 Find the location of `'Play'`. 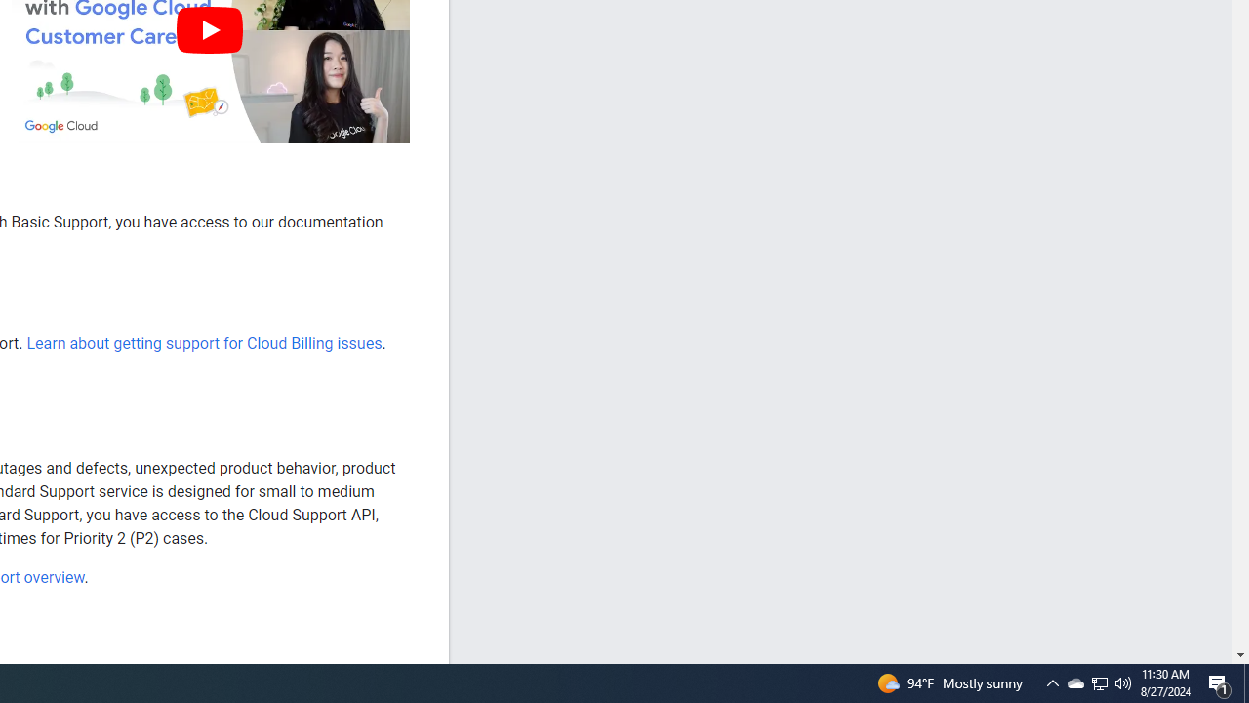

'Play' is located at coordinates (210, 29).